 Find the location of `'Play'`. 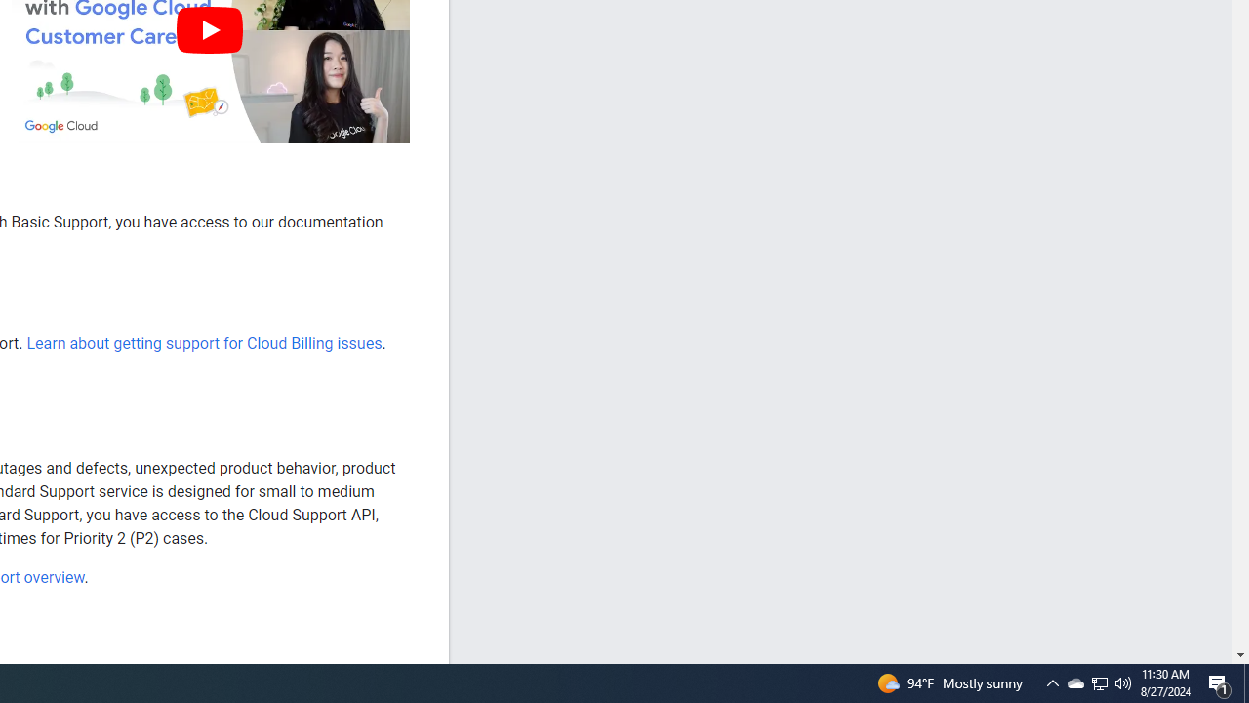

'Play' is located at coordinates (210, 29).